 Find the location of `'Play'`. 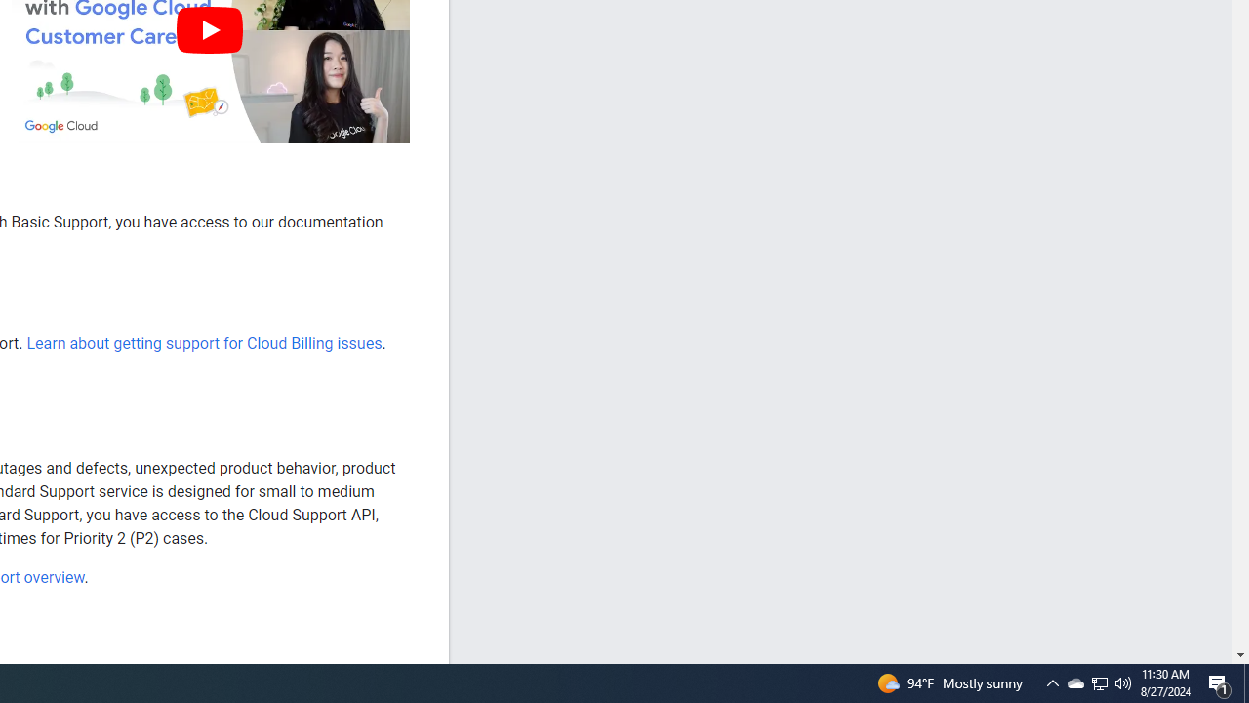

'Play' is located at coordinates (210, 29).